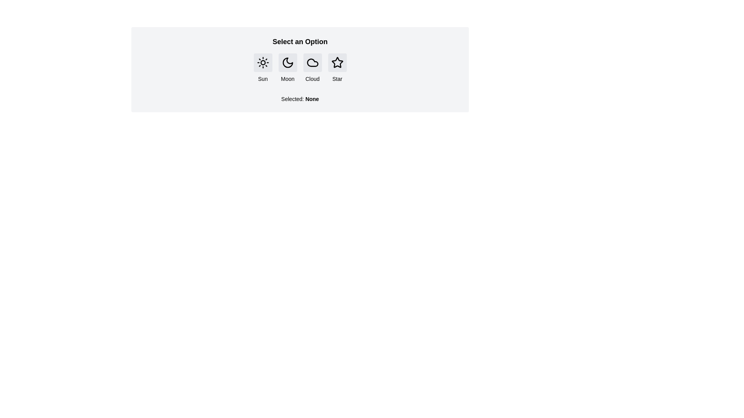 Image resolution: width=744 pixels, height=418 pixels. What do you see at coordinates (300, 98) in the screenshot?
I see `the text label displaying 'Selected: None', which is centered below the selectable options (Sun, Moon, Cloud, Star)` at bounding box center [300, 98].